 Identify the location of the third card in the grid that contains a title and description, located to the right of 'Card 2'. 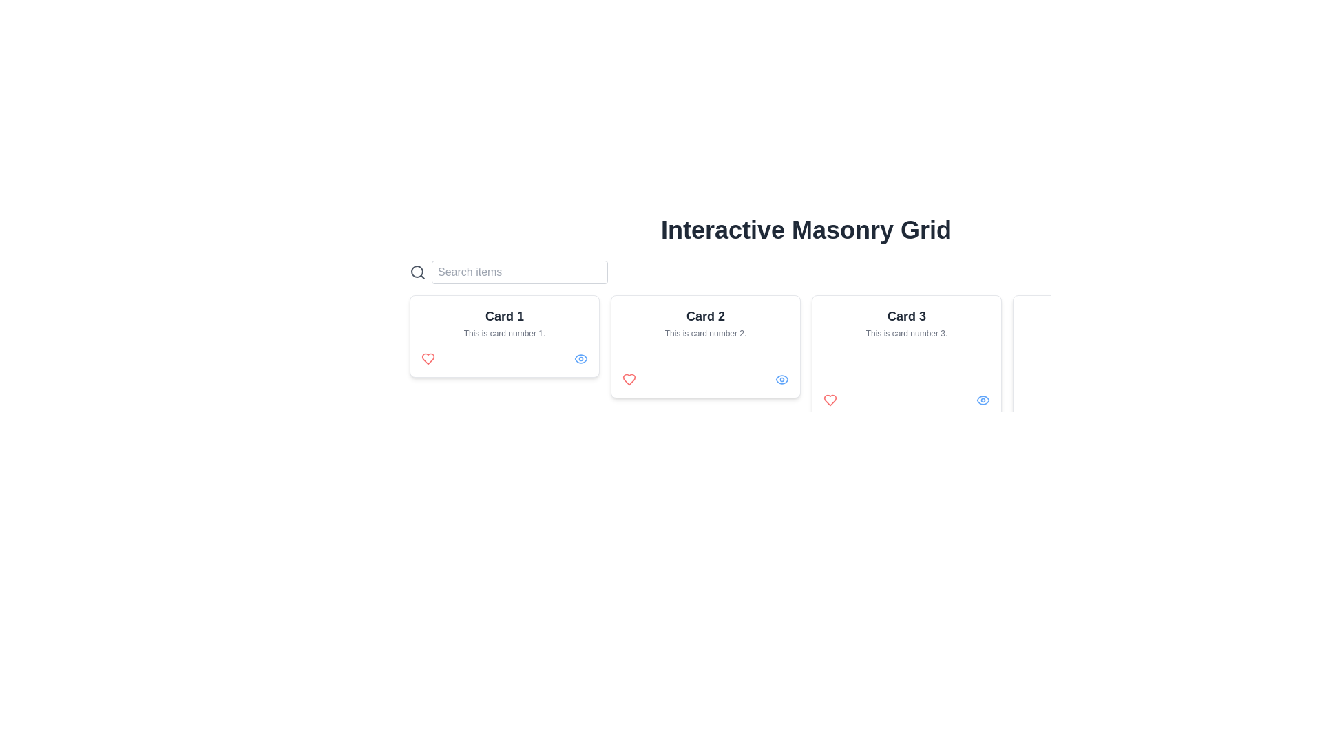
(906, 356).